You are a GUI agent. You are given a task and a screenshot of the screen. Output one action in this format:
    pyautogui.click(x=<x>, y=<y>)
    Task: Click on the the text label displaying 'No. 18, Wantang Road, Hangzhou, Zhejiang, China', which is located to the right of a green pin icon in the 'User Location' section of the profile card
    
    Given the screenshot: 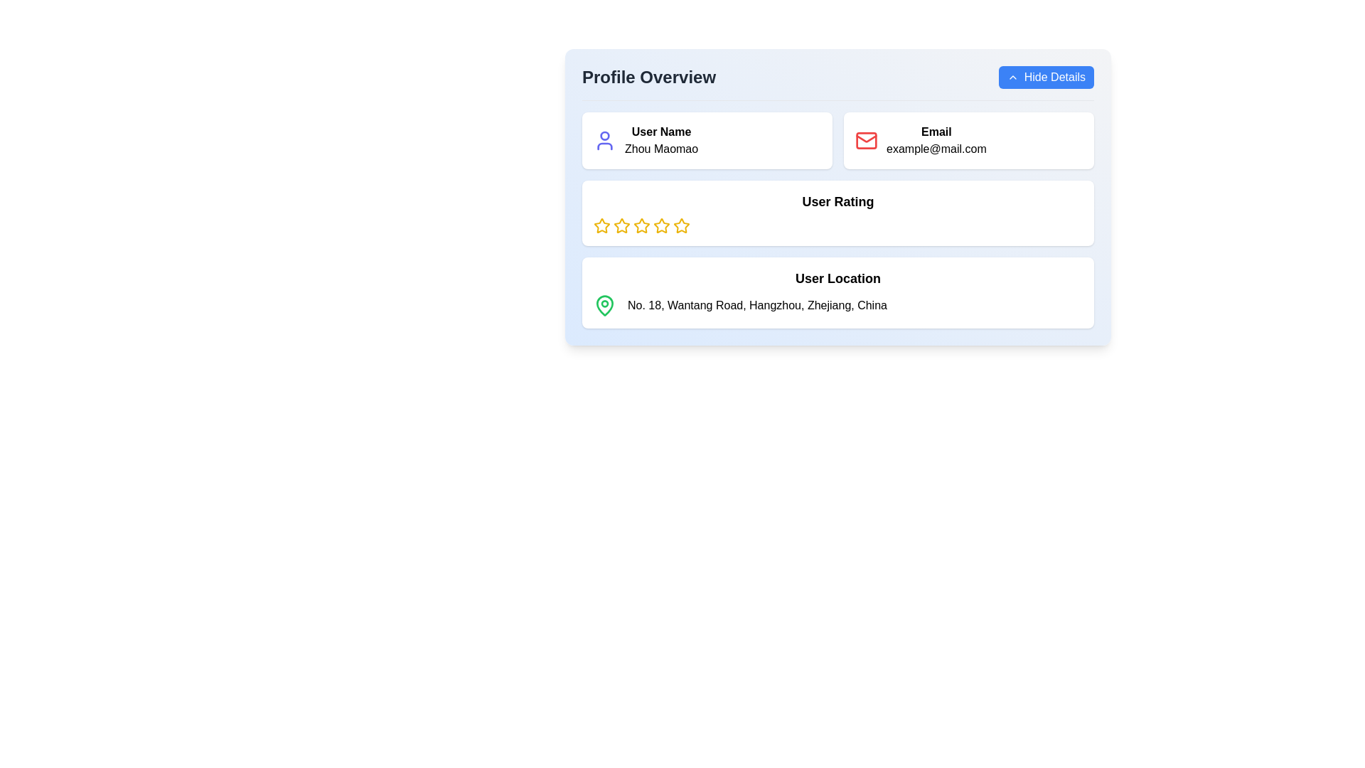 What is the action you would take?
    pyautogui.click(x=756, y=304)
    